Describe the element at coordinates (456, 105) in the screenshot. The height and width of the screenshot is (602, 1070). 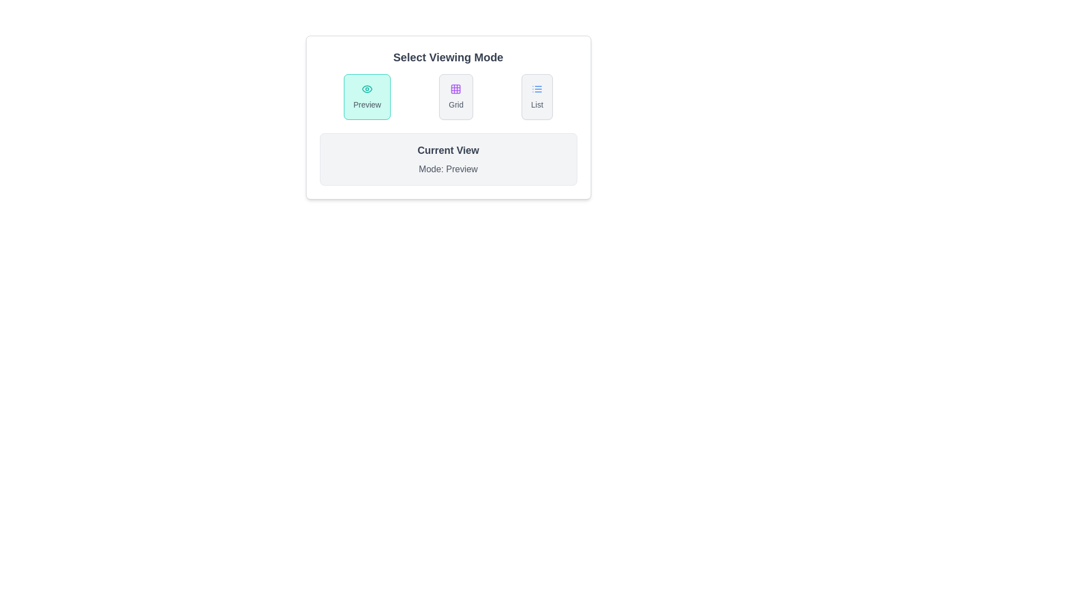
I see `the 'Grid' label within the button that indicates the grid-view mode option under the 'Select Viewing Mode' heading` at that location.